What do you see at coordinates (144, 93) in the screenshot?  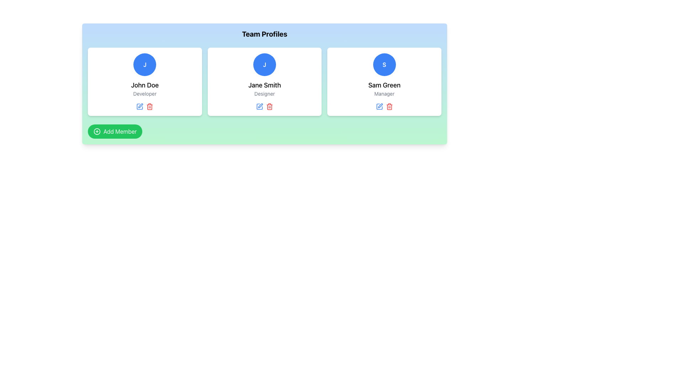 I see `the text label displaying the user's role or job title for 'John Doe' in the first profile card of the 'Team Profiles' section` at bounding box center [144, 93].